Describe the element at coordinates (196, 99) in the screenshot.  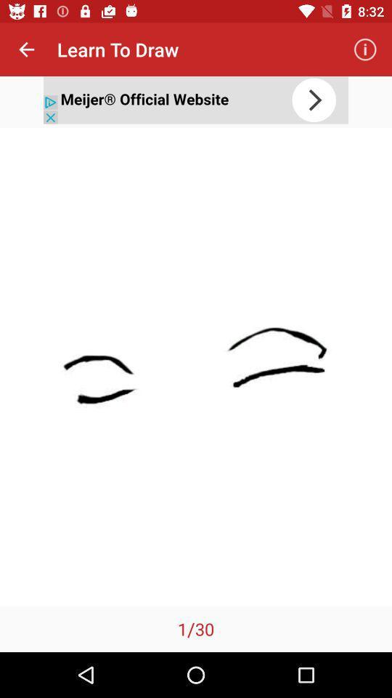
I see `google advertisements` at that location.